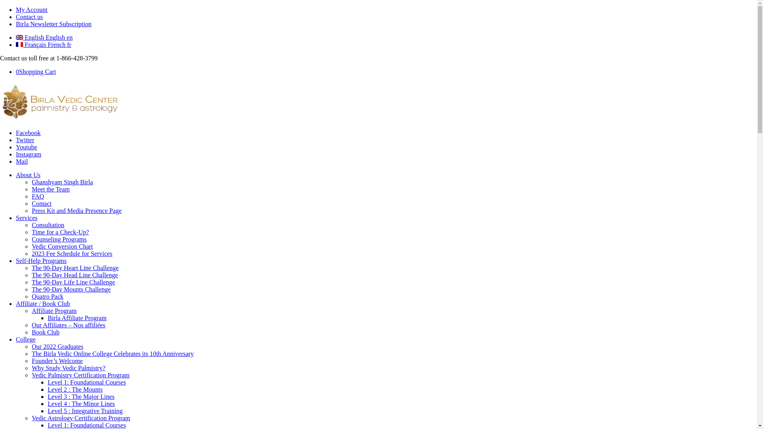  What do you see at coordinates (62, 182) in the screenshot?
I see `'Ghanshyam Singh Birla'` at bounding box center [62, 182].